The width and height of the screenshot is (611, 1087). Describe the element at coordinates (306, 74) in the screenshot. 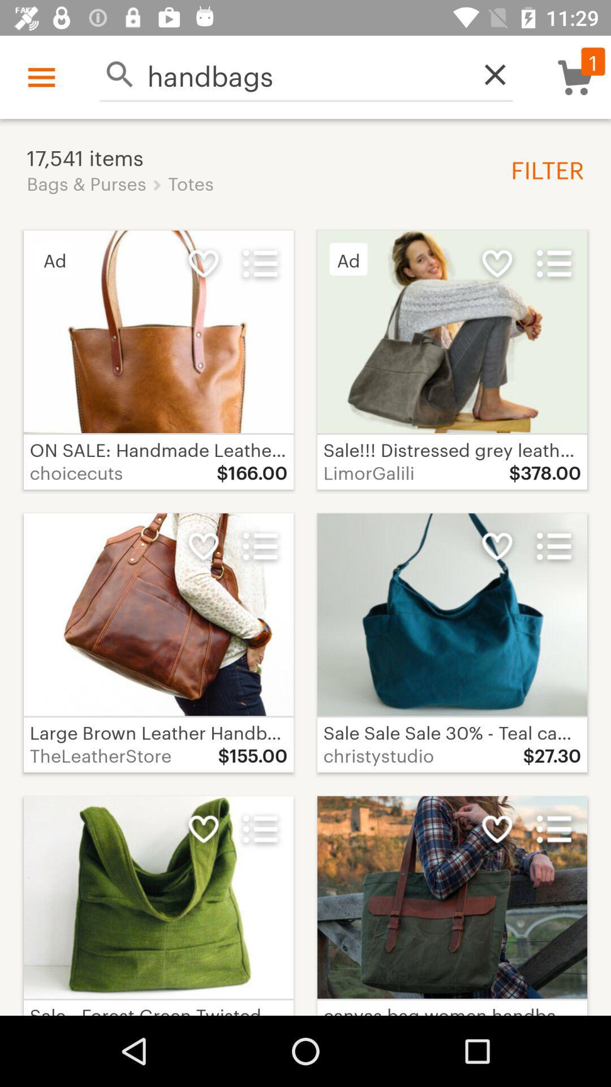

I see `the icon above the 17,541 items icon` at that location.